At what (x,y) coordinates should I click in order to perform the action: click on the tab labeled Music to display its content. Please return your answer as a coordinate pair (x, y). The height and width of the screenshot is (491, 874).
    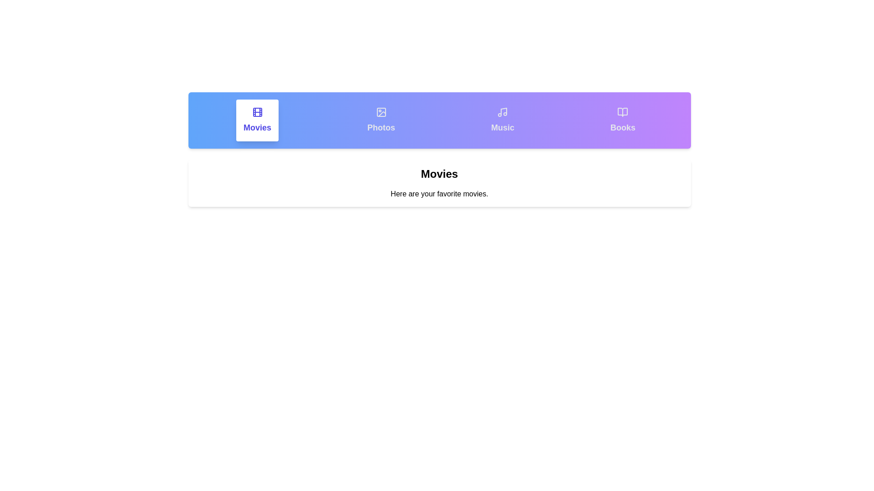
    Looking at the image, I should click on (502, 120).